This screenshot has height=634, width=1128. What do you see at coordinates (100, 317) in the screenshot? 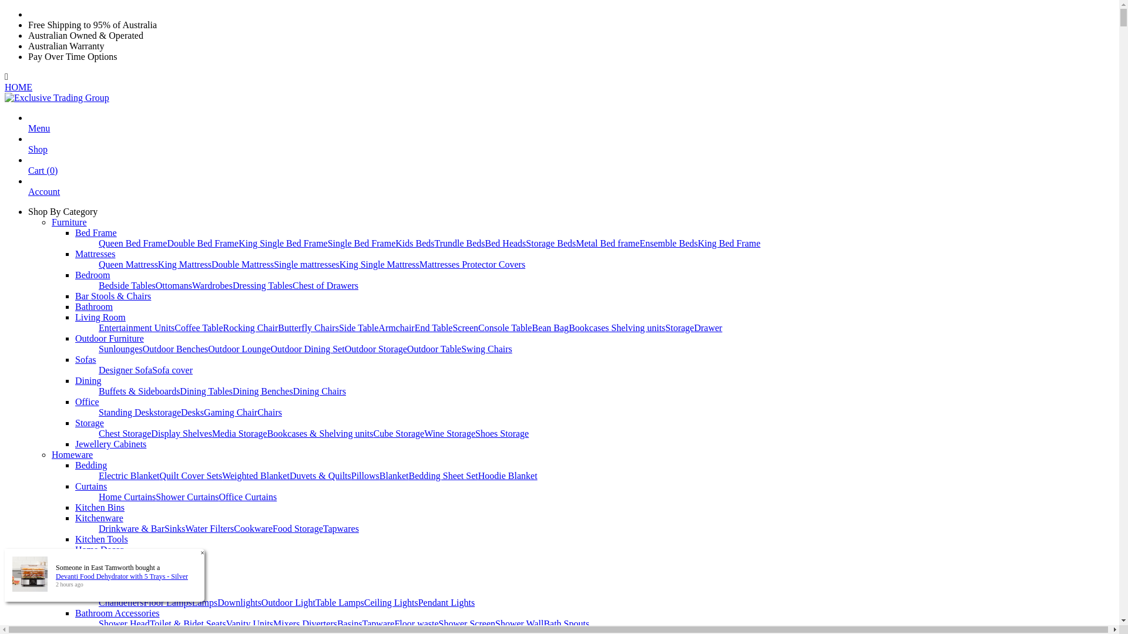
I see `'Living Room'` at bounding box center [100, 317].